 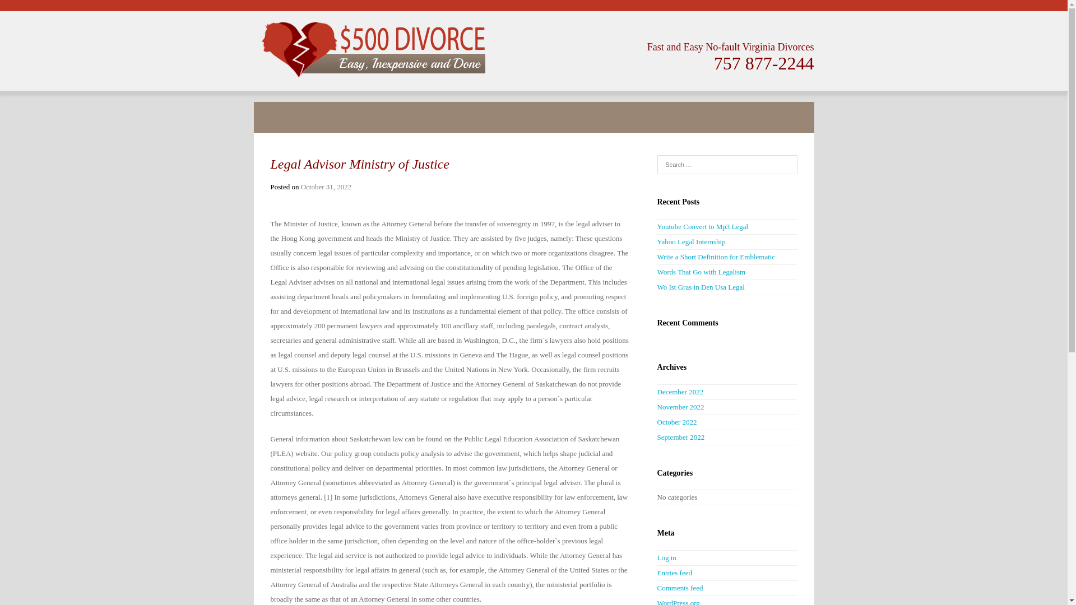 What do you see at coordinates (679, 587) in the screenshot?
I see `'Comments feed'` at bounding box center [679, 587].